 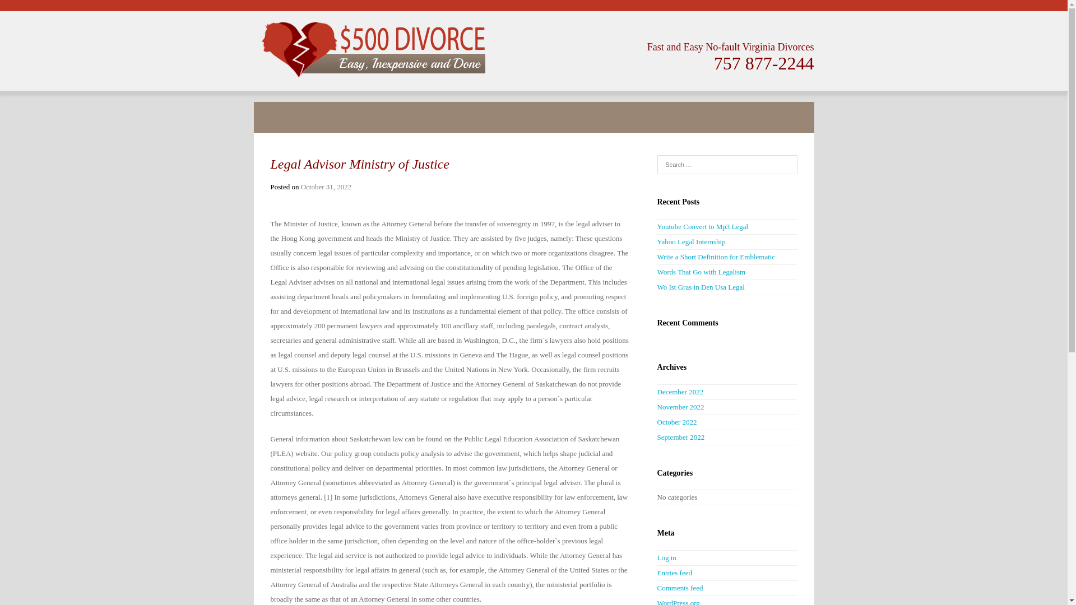 What do you see at coordinates (679, 587) in the screenshot?
I see `'Comments feed'` at bounding box center [679, 587].